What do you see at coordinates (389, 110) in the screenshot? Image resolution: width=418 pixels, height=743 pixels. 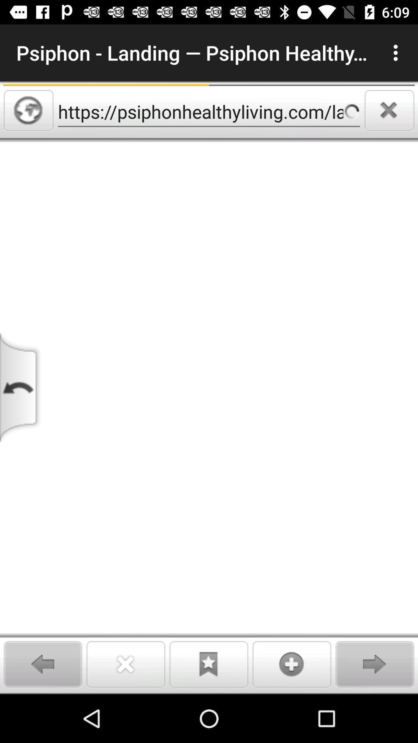 I see `clear search results` at bounding box center [389, 110].